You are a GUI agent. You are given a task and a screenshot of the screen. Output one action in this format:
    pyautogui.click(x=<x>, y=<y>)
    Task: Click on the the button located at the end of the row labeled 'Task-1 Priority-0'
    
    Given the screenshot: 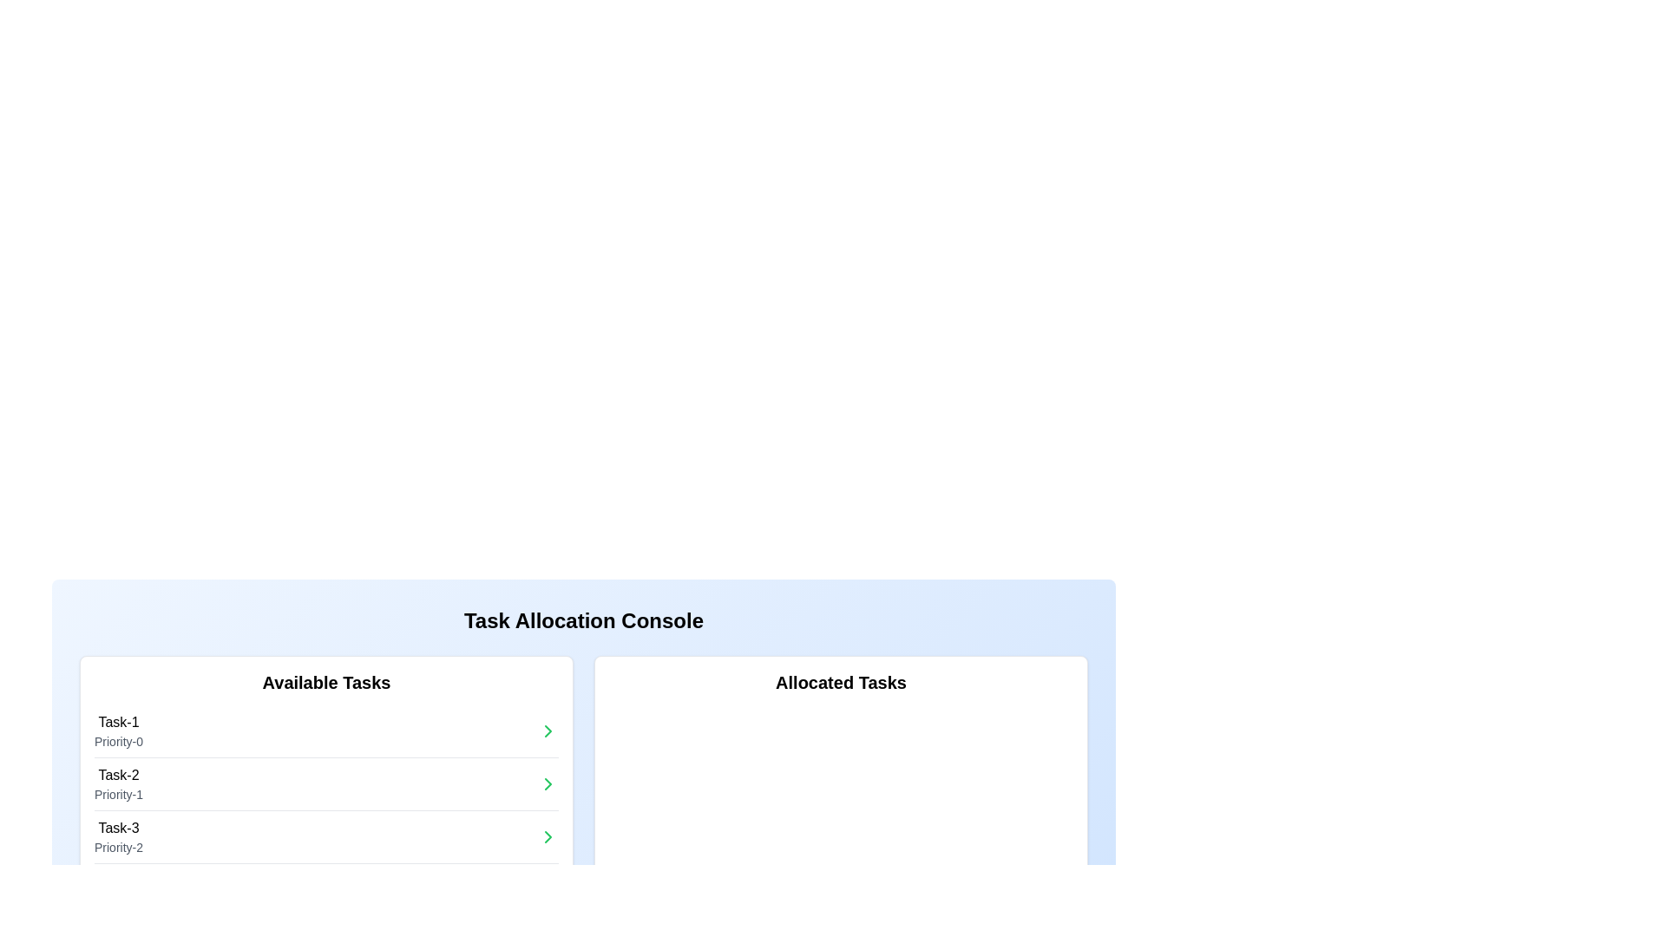 What is the action you would take?
    pyautogui.click(x=548, y=731)
    